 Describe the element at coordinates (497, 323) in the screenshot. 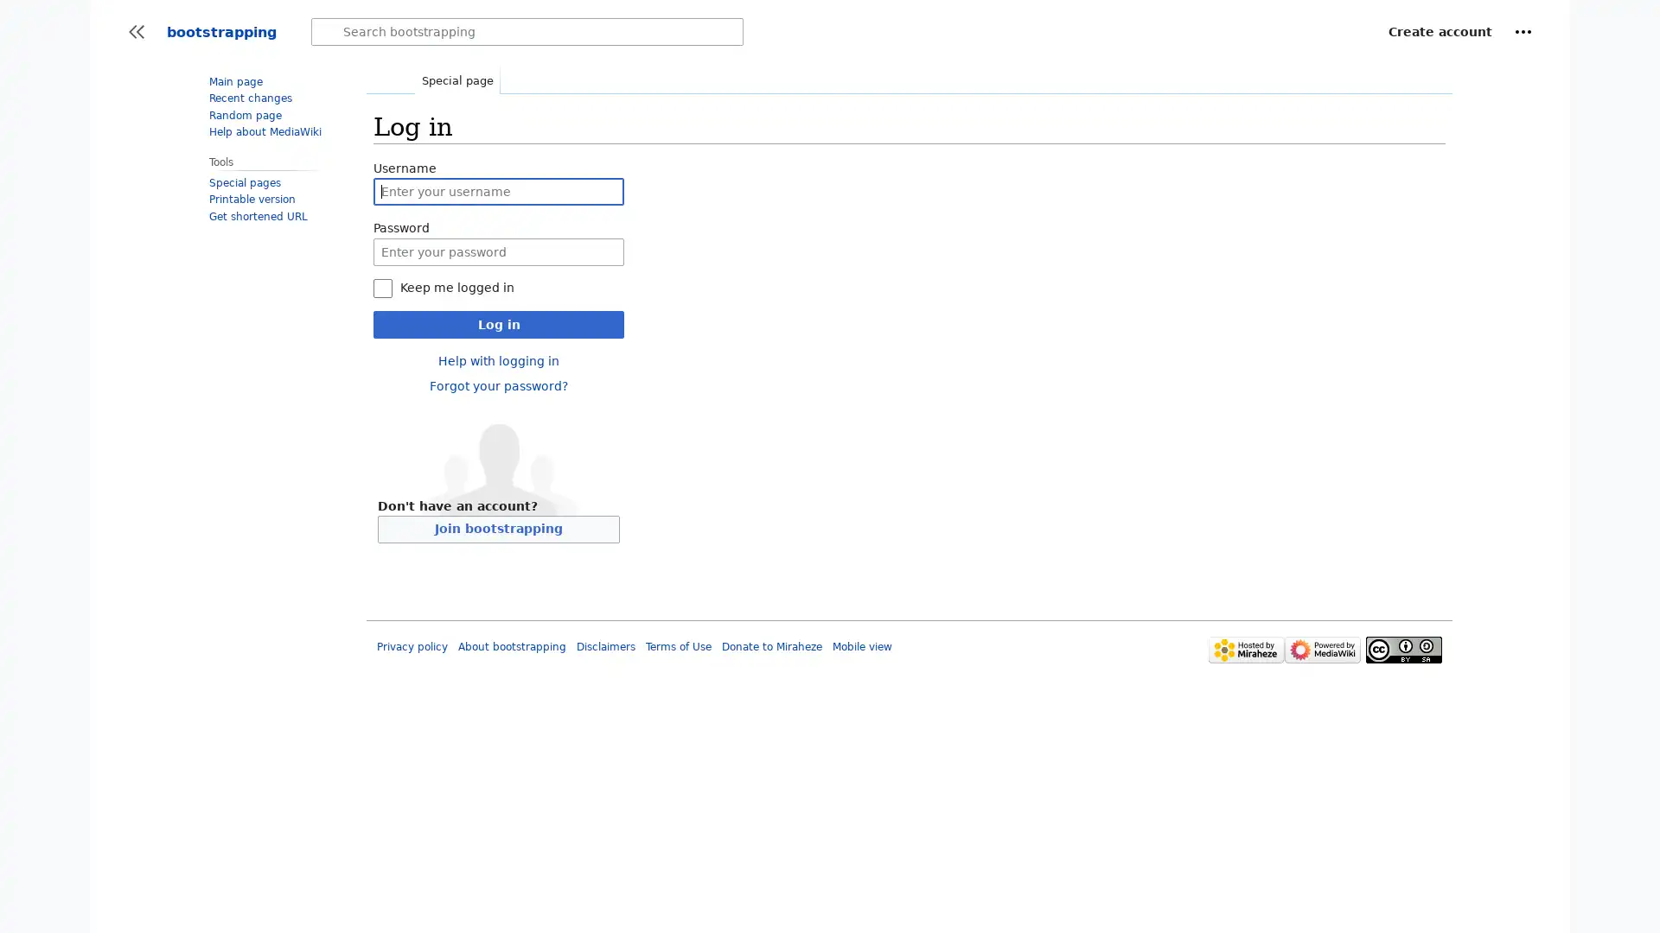

I see `Log in` at that location.